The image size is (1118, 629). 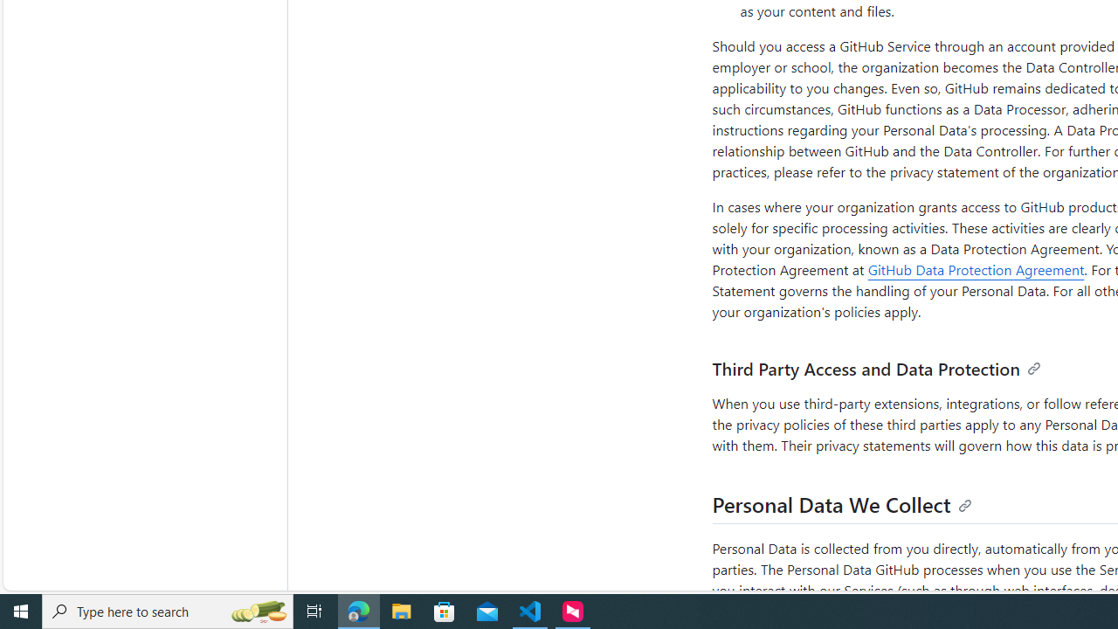 What do you see at coordinates (975, 269) in the screenshot?
I see `'GitHub Data Protection Agreement'` at bounding box center [975, 269].